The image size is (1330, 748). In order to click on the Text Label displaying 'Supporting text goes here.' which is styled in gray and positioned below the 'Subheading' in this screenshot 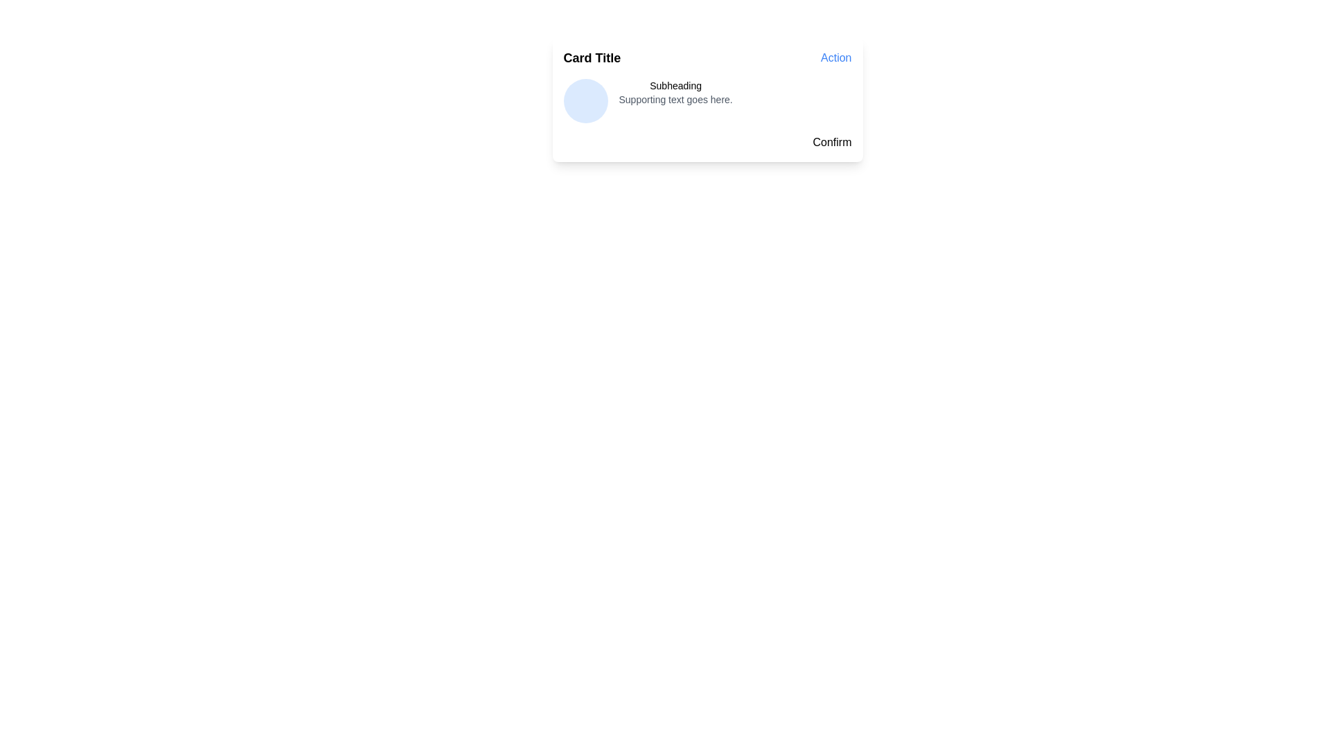, I will do `click(675, 98)`.